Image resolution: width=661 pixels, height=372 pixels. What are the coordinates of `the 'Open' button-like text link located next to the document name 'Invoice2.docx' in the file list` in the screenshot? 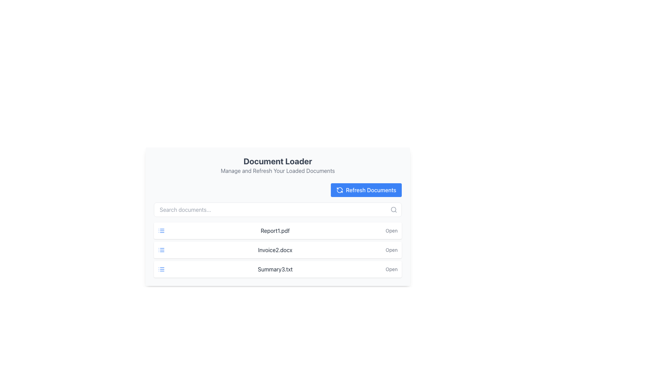 It's located at (391, 250).